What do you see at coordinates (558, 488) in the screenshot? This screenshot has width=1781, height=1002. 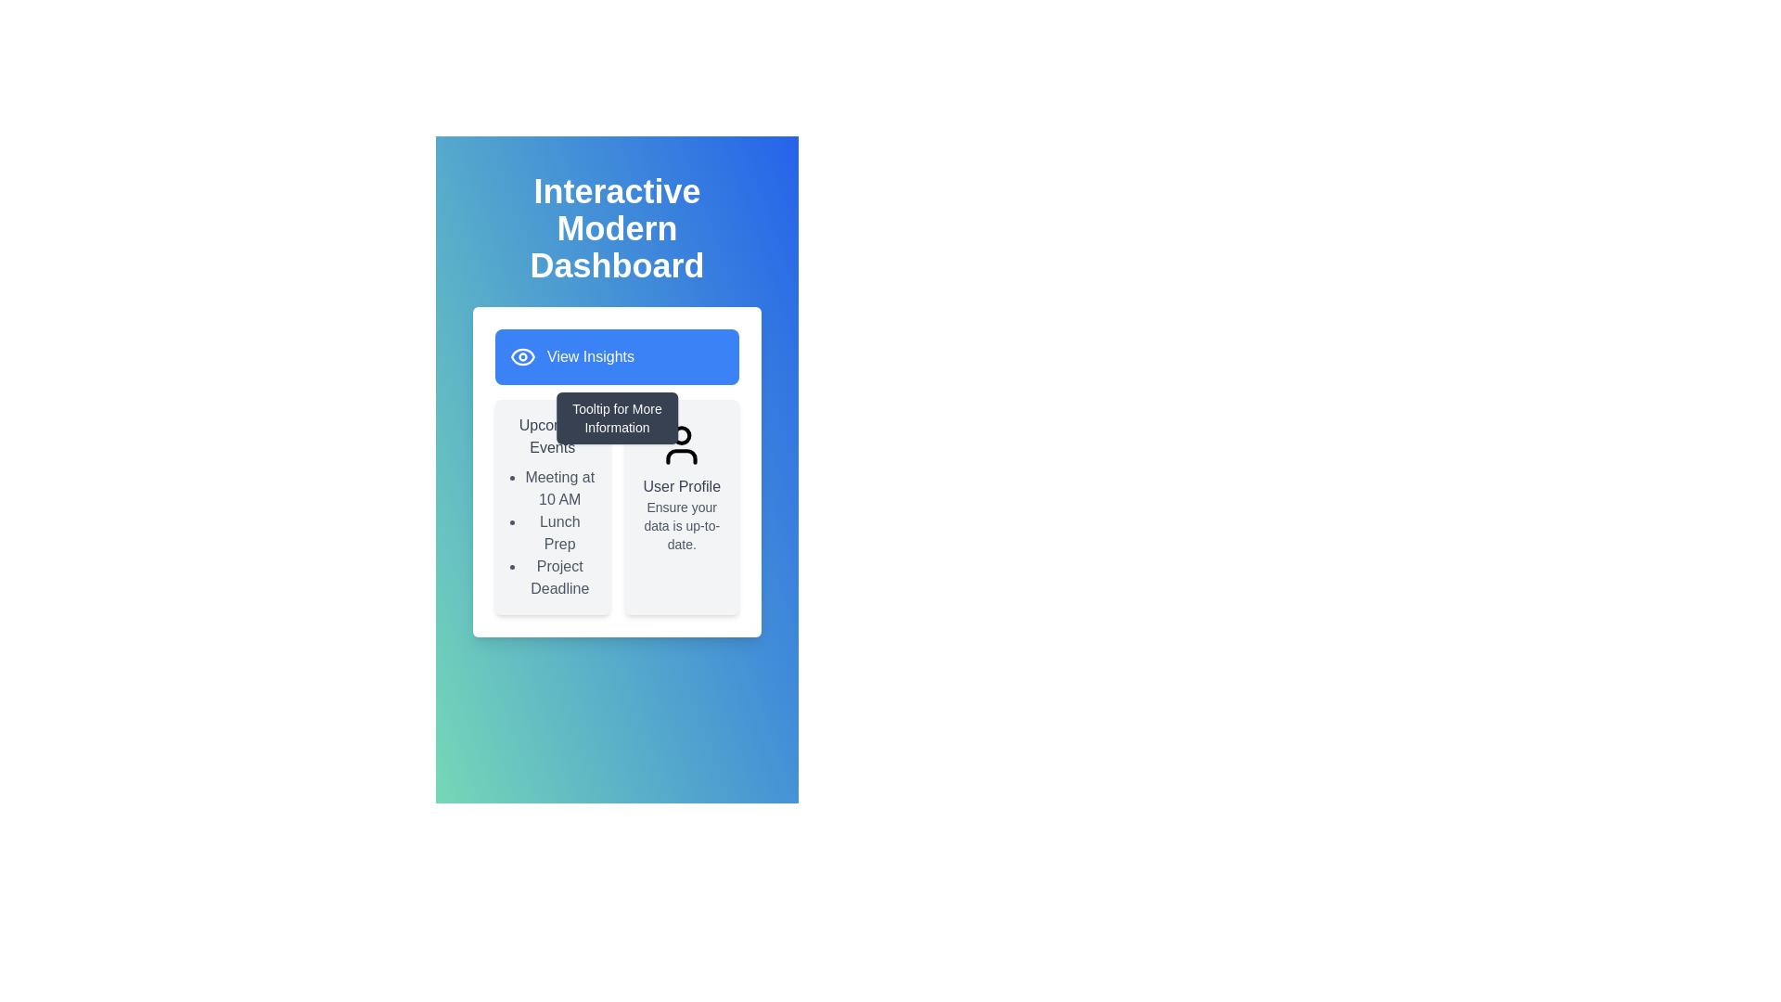 I see `the static informational label for the upcoming event scheduled at 10 AM, located in the bulleted list under 'Upcoming Events'` at bounding box center [558, 488].